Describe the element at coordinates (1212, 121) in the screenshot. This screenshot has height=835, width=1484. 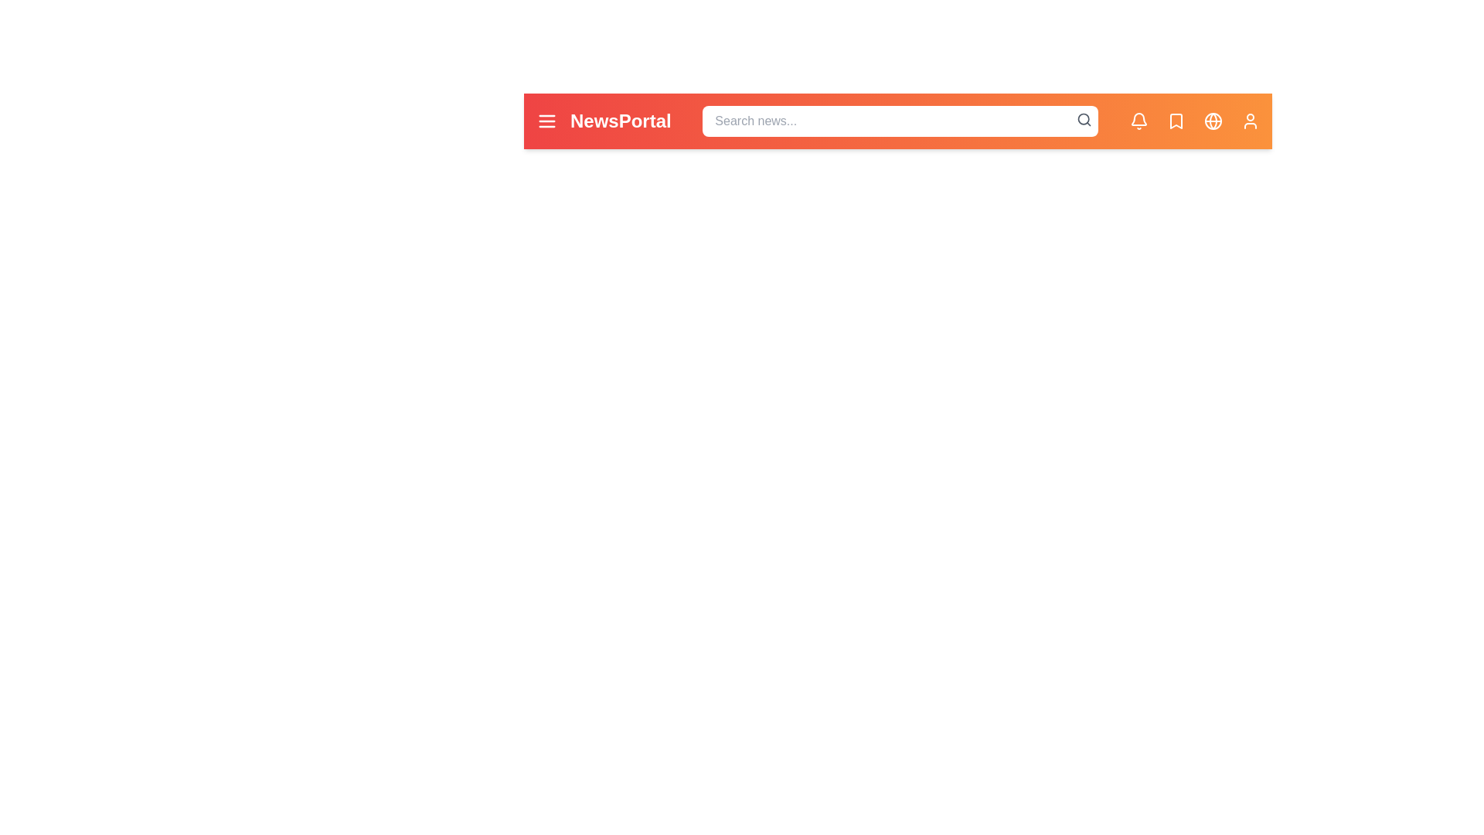
I see `the globe icon to open the language settings` at that location.